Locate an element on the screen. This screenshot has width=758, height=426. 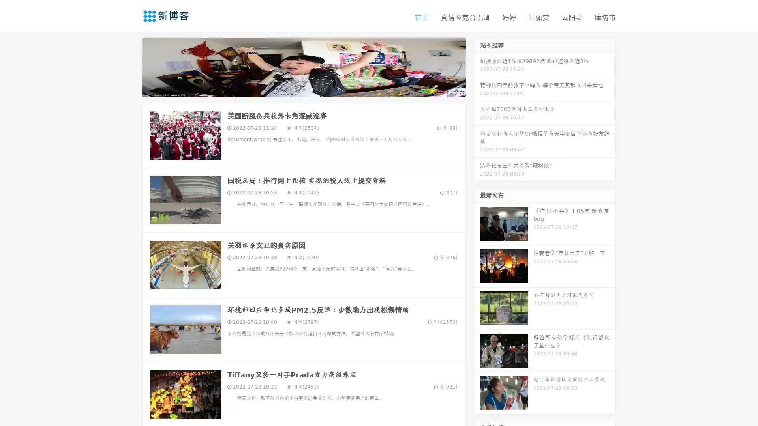
Previous slide is located at coordinates (130, 66).